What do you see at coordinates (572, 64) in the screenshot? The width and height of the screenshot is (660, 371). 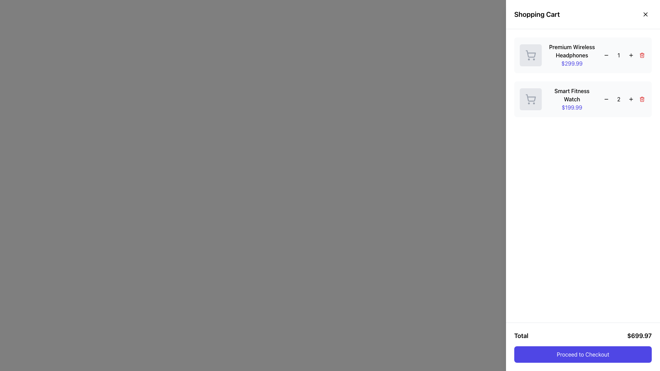 I see `the text label displaying the price '$299.99' in blue font, located within the shopping cart interface below the product name 'Premium Wireless Headphones'` at bounding box center [572, 64].